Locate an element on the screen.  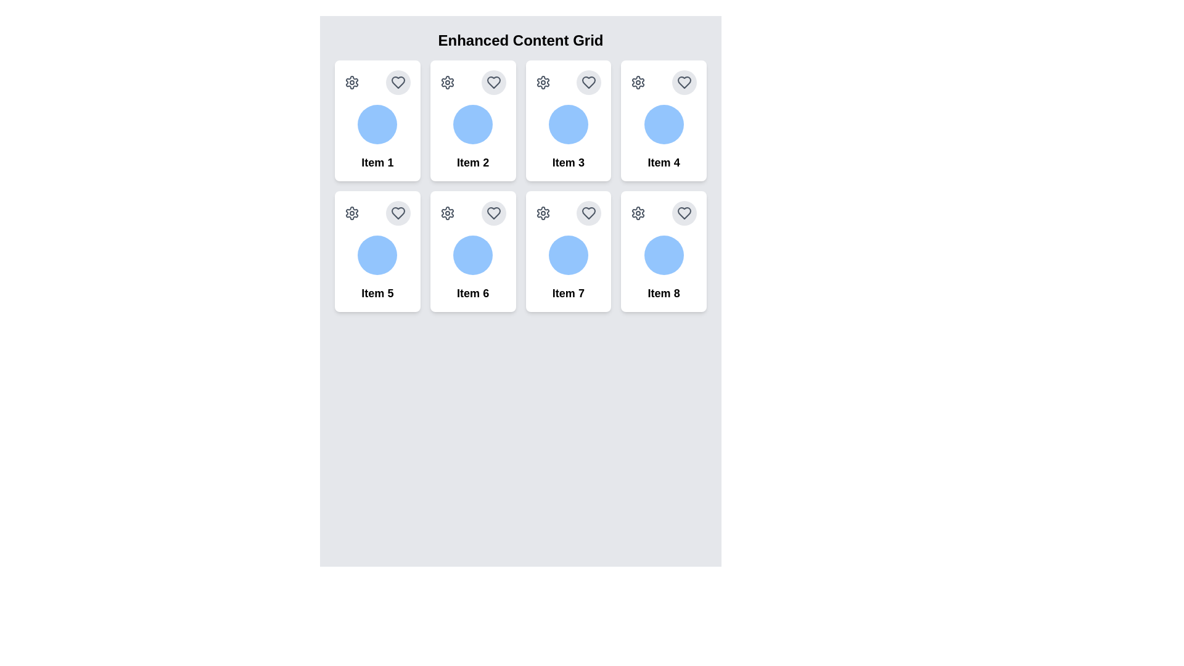
the rounded button with a light gray background and heart icon in the top-right corner of 'Item 6' card is located at coordinates (493, 213).